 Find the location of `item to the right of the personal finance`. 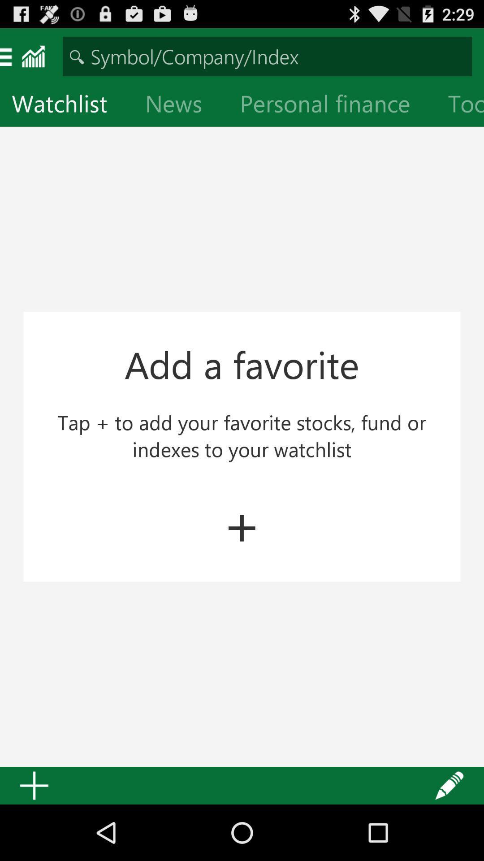

item to the right of the personal finance is located at coordinates (460, 105).